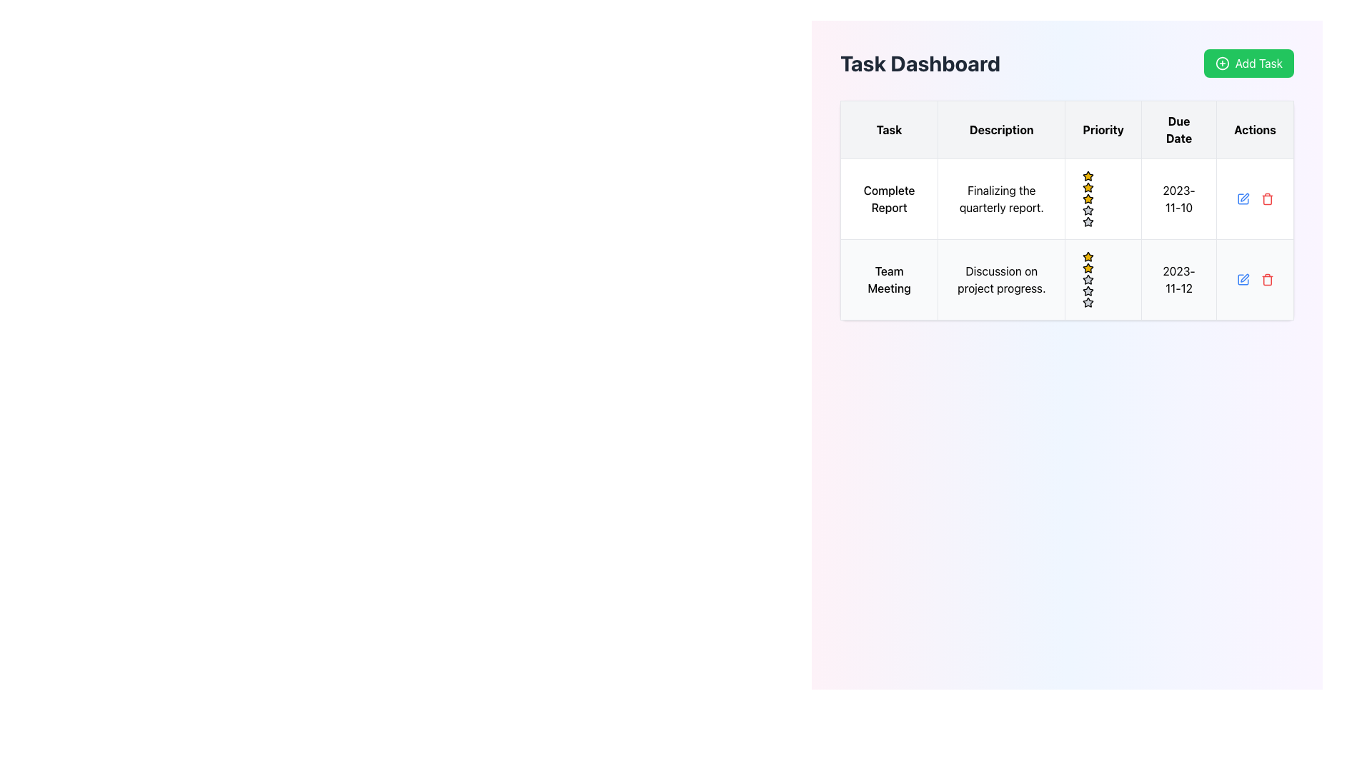 This screenshot has height=771, width=1372. What do you see at coordinates (1088, 175) in the screenshot?
I see `the star icon in the 'Priority' column of the first row for the task 'Complete Report' to interact with it` at bounding box center [1088, 175].